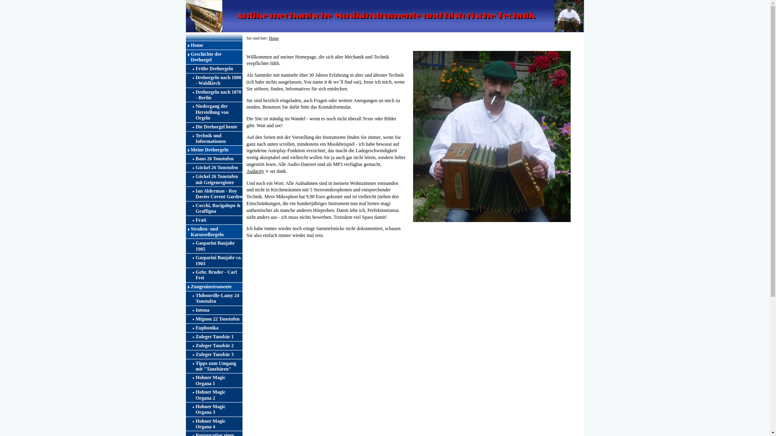 This screenshot has height=436, width=776. Describe the element at coordinates (214, 409) in the screenshot. I see `'Hohner Magic Organa 3'` at that location.